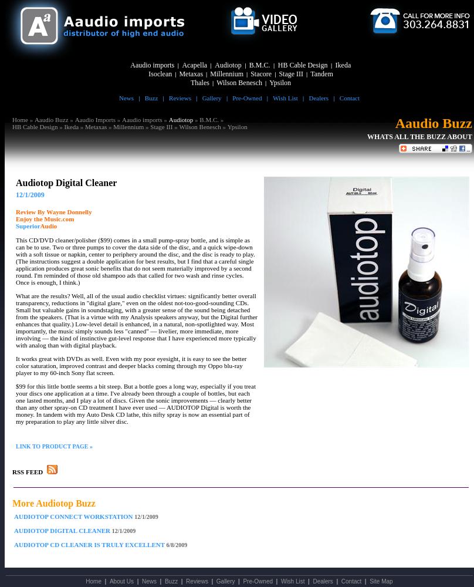  Describe the element at coordinates (45, 218) in the screenshot. I see `'Enjoy the Music.com'` at that location.